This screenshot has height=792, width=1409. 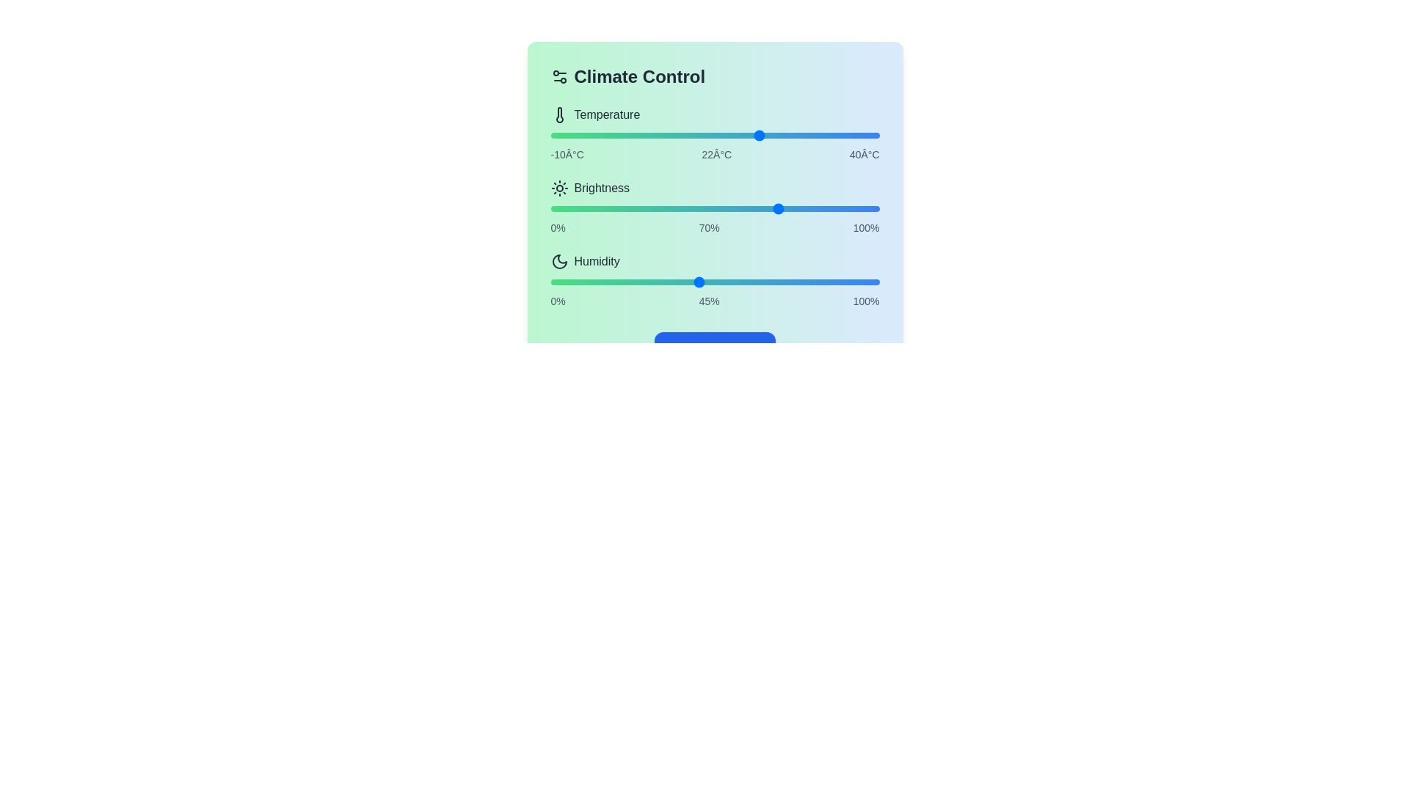 What do you see at coordinates (866, 228) in the screenshot?
I see `text of the maximum value label, which is the '100%' text label aligned below the brightness adjustment slider` at bounding box center [866, 228].